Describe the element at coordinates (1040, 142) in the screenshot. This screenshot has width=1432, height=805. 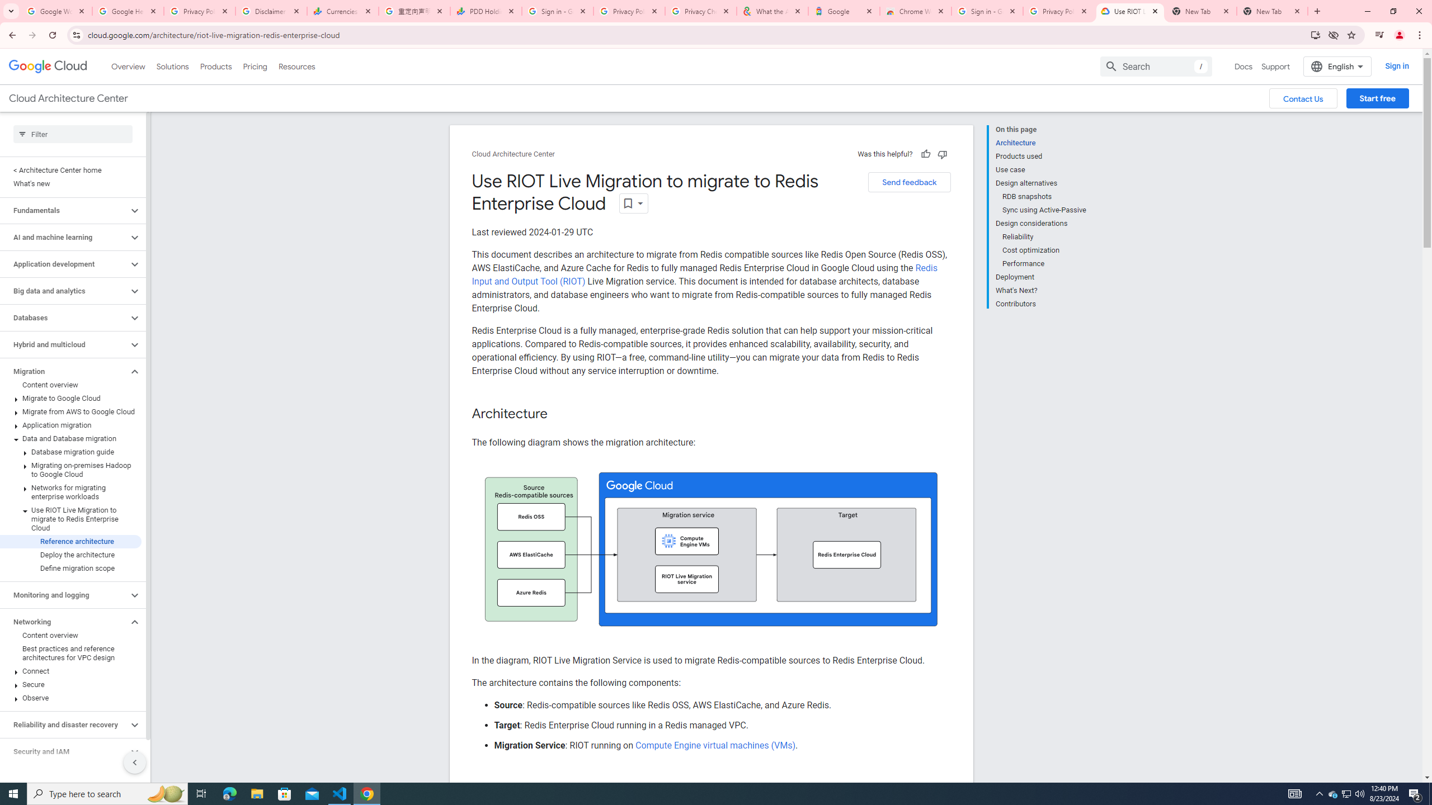
I see `'Architecture'` at that location.